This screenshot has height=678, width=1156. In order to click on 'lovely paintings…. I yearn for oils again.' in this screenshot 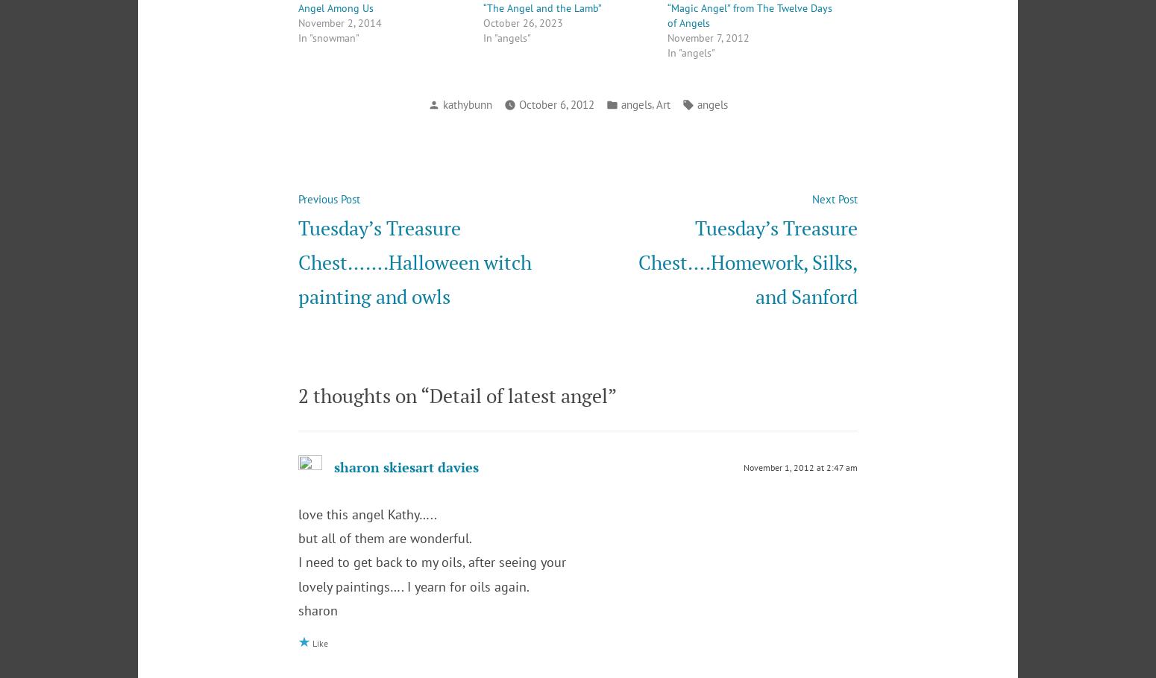, I will do `click(414, 585)`.